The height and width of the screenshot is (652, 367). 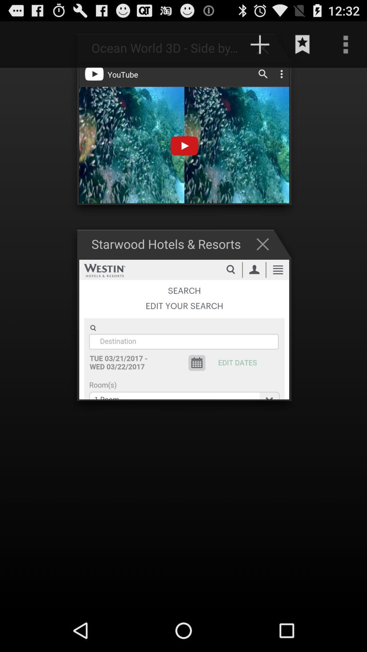 I want to click on the close icon, so click(x=266, y=260).